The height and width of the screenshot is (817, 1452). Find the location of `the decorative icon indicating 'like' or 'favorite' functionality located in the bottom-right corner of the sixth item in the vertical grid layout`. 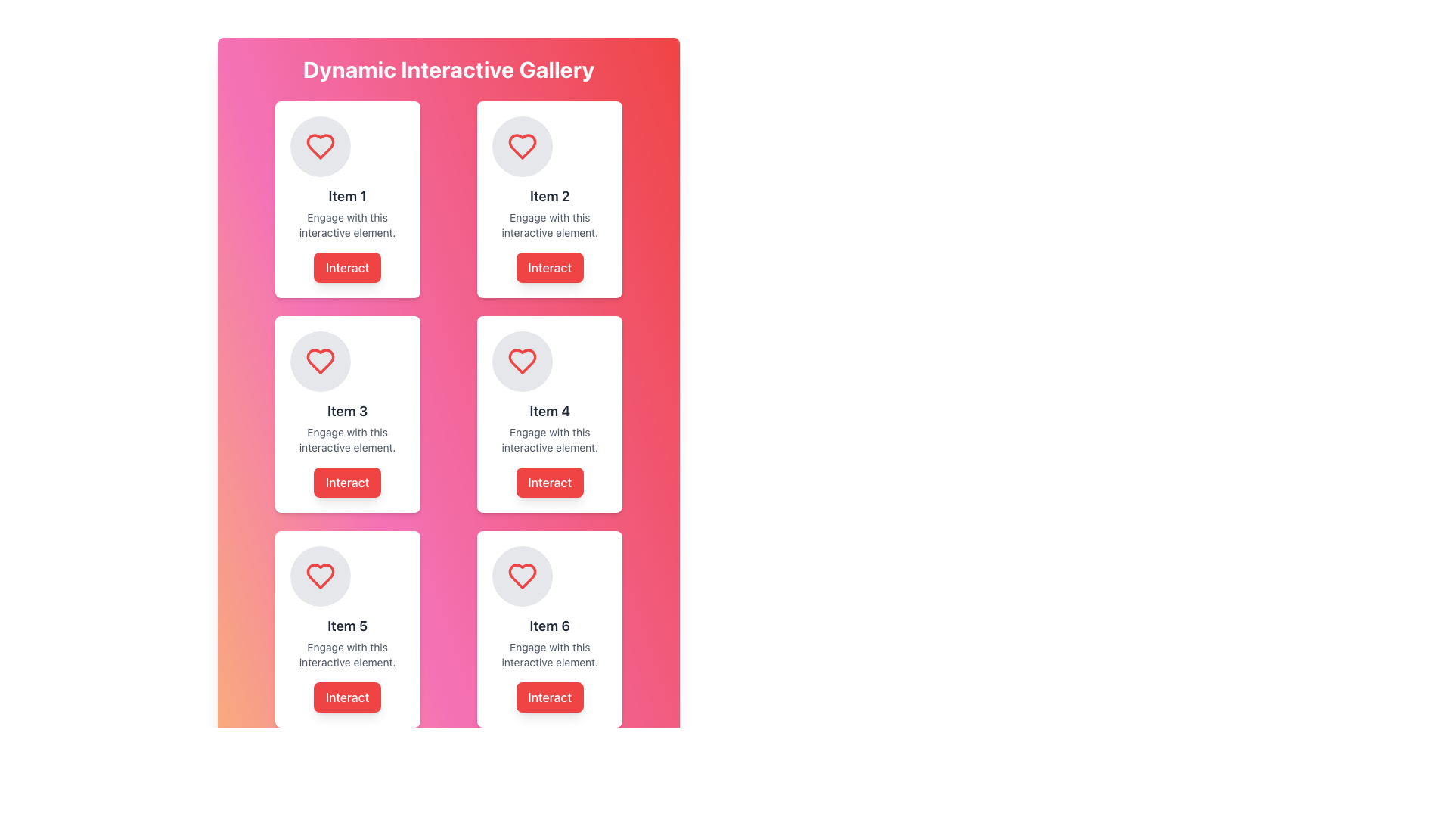

the decorative icon indicating 'like' or 'favorite' functionality located in the bottom-right corner of the sixth item in the vertical grid layout is located at coordinates (523, 576).